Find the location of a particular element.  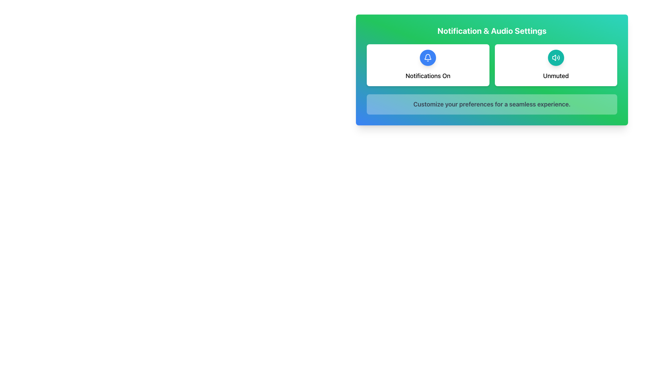

the circular teal button with a speaker icon in the 'Unmuted' card is located at coordinates (556, 57).